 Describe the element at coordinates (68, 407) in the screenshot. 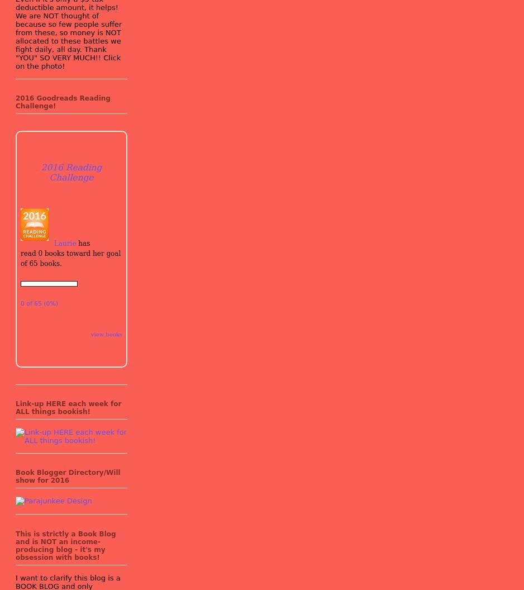

I see `'Link-up HERE each week for ALL things bookish!'` at that location.